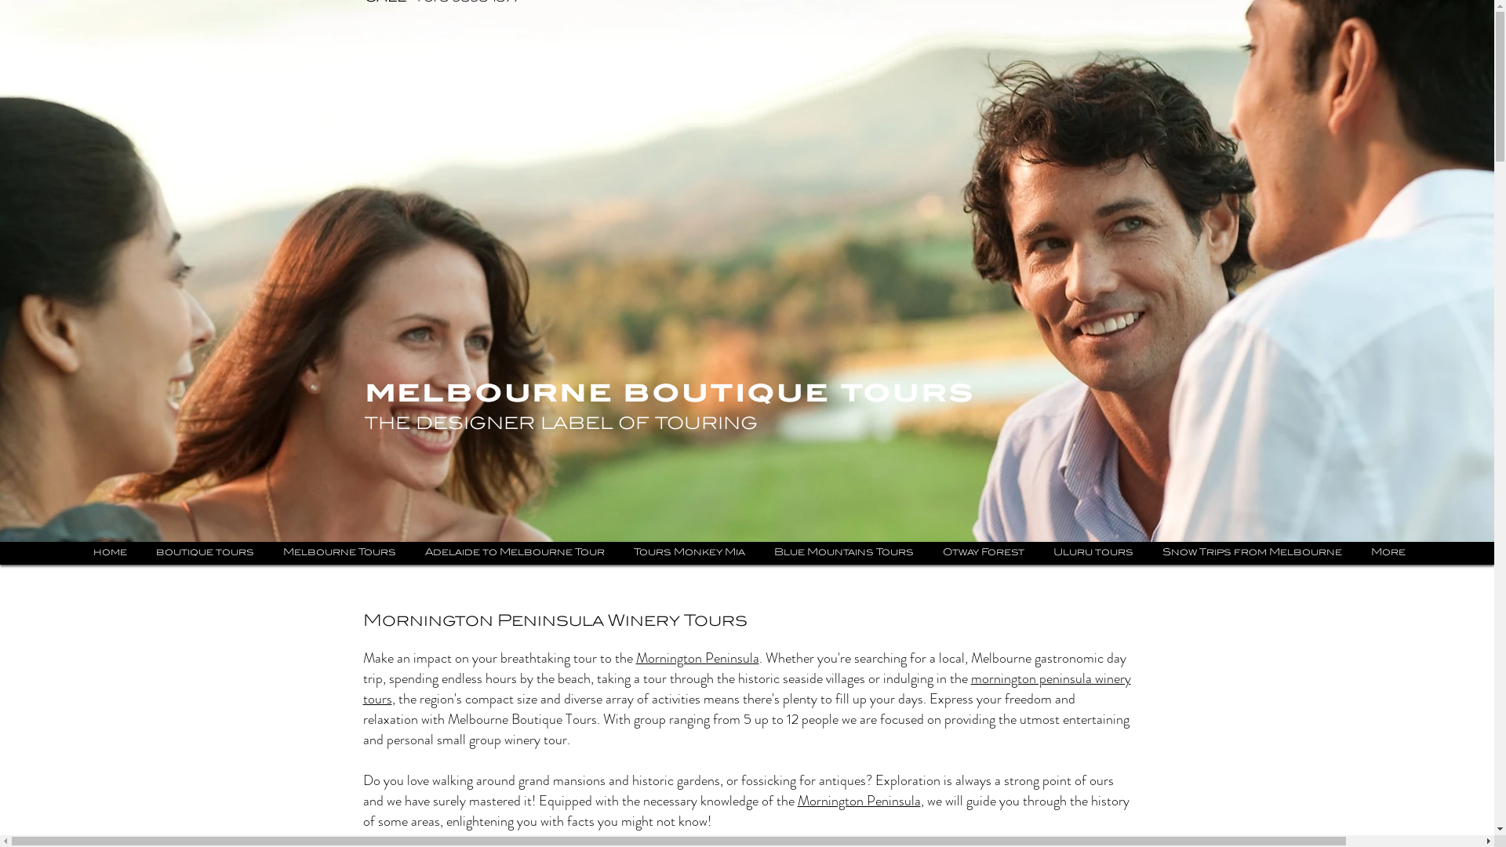  Describe the element at coordinates (842, 552) in the screenshot. I see `'Blue Mountains Tours'` at that location.